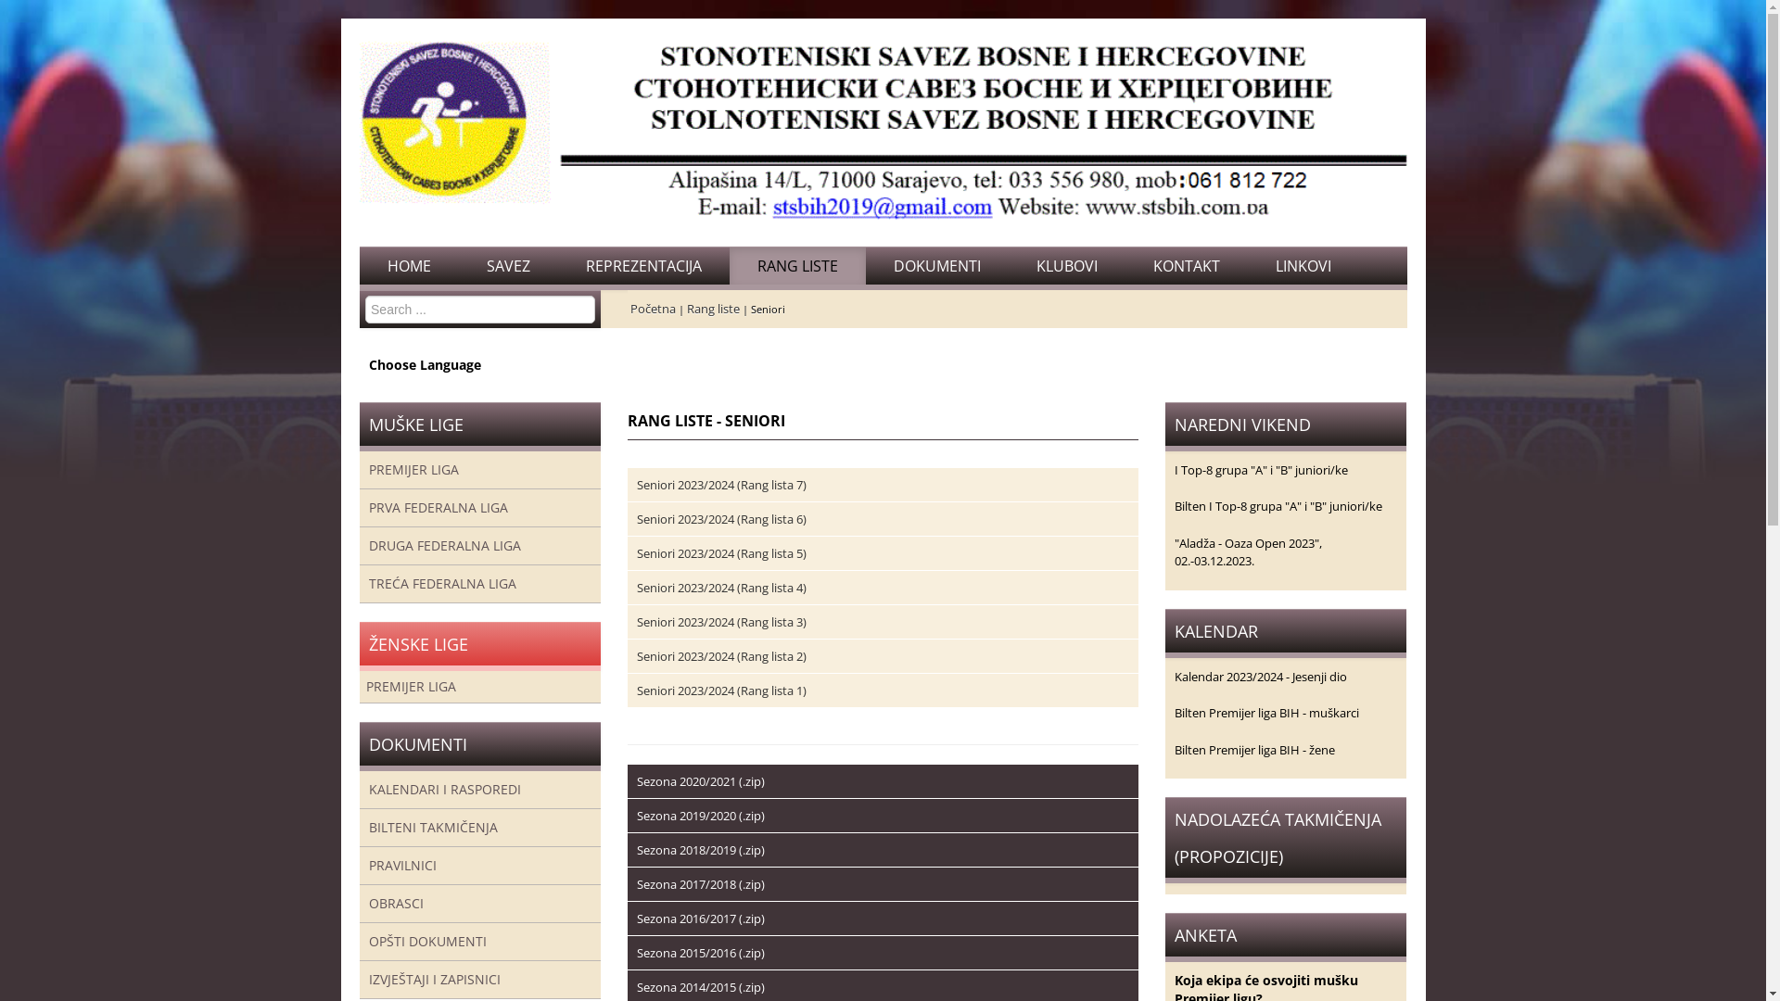  I want to click on 'KLUBOVI', so click(1008, 265).